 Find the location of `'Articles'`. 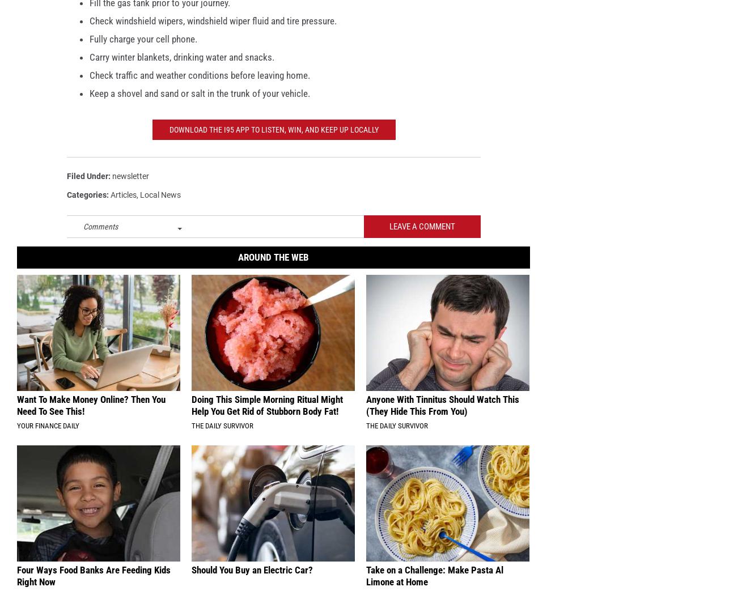

'Articles' is located at coordinates (123, 202).